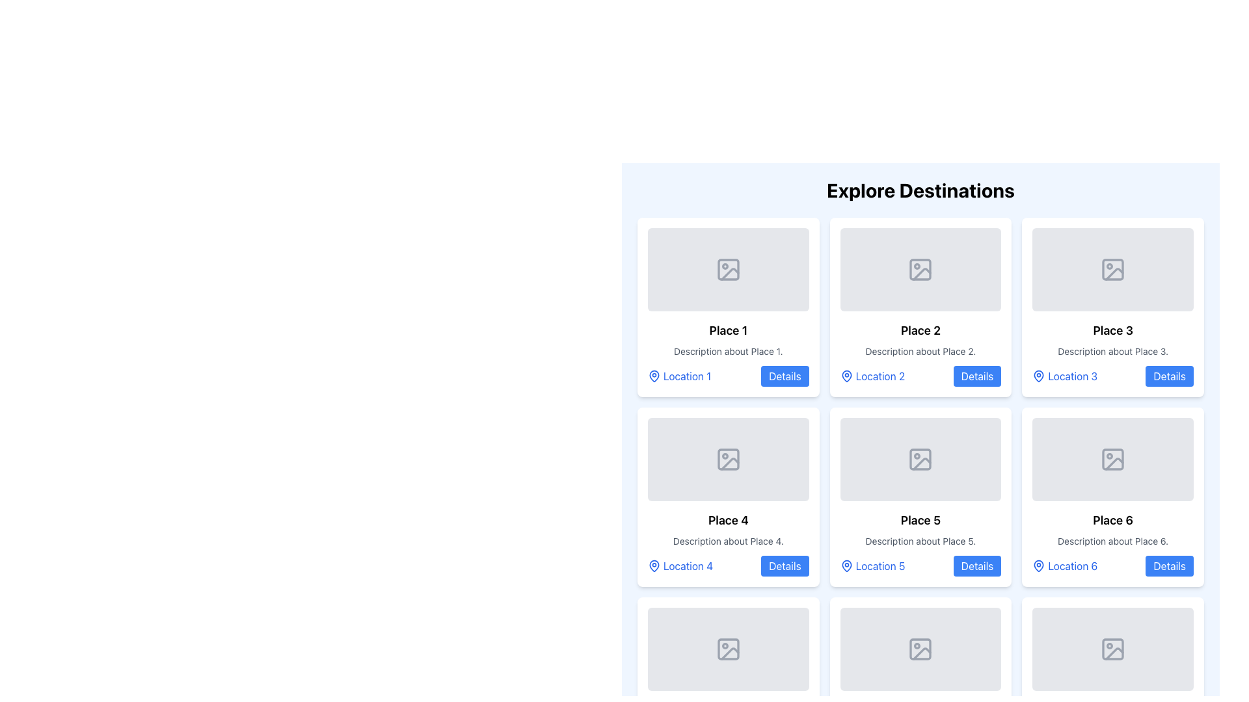  Describe the element at coordinates (920, 269) in the screenshot. I see `the image placeholder icon located at the center of the card for 'Place 2', characterized by its square shape with rounded corners, a circular dot in the top left corner, and a diagonal line ending in a smaller square at the bottom right` at that location.